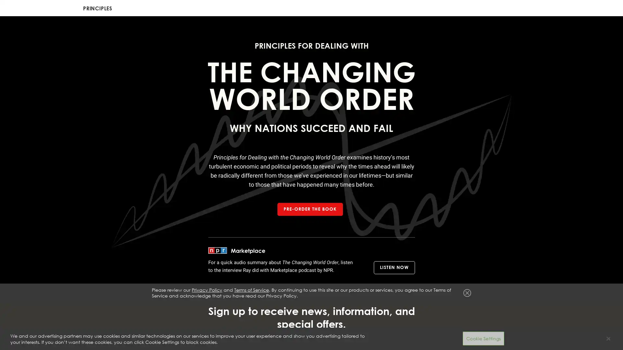  I want to click on Close, so click(608, 338).